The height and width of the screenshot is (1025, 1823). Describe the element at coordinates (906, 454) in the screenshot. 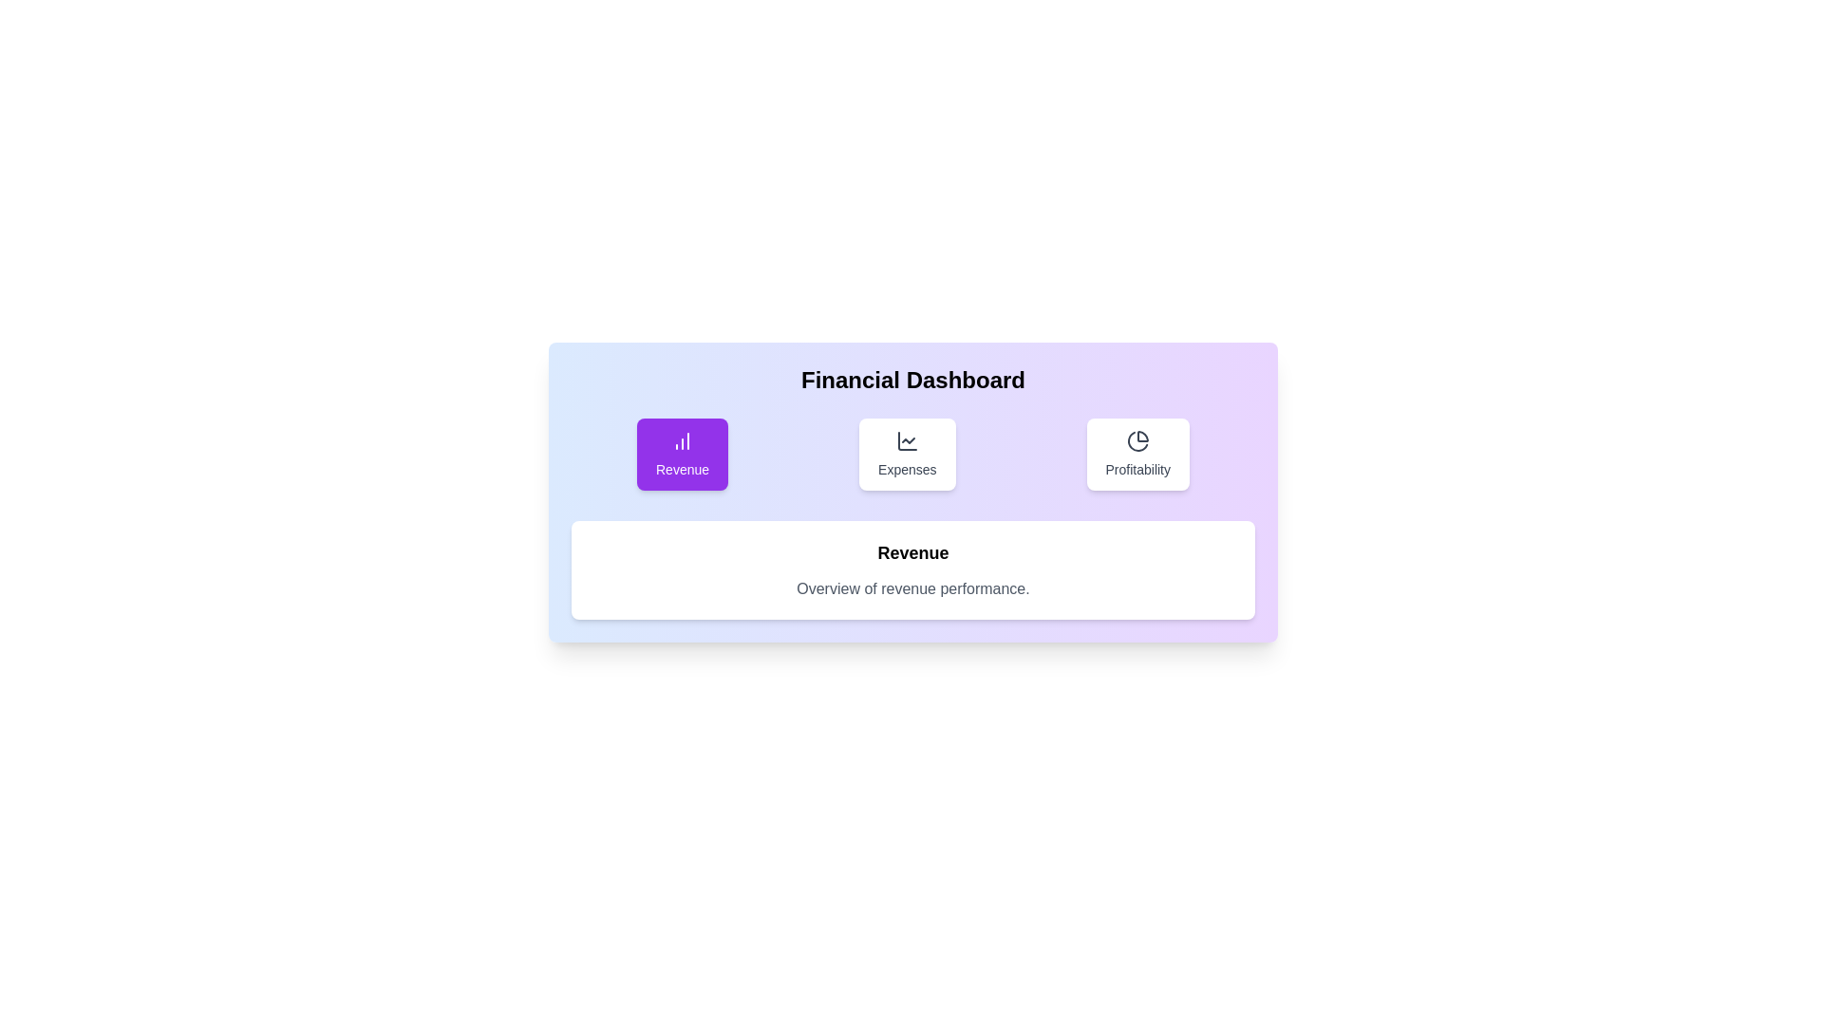

I see `the Expenses tab on the FinancialDashboard component` at that location.